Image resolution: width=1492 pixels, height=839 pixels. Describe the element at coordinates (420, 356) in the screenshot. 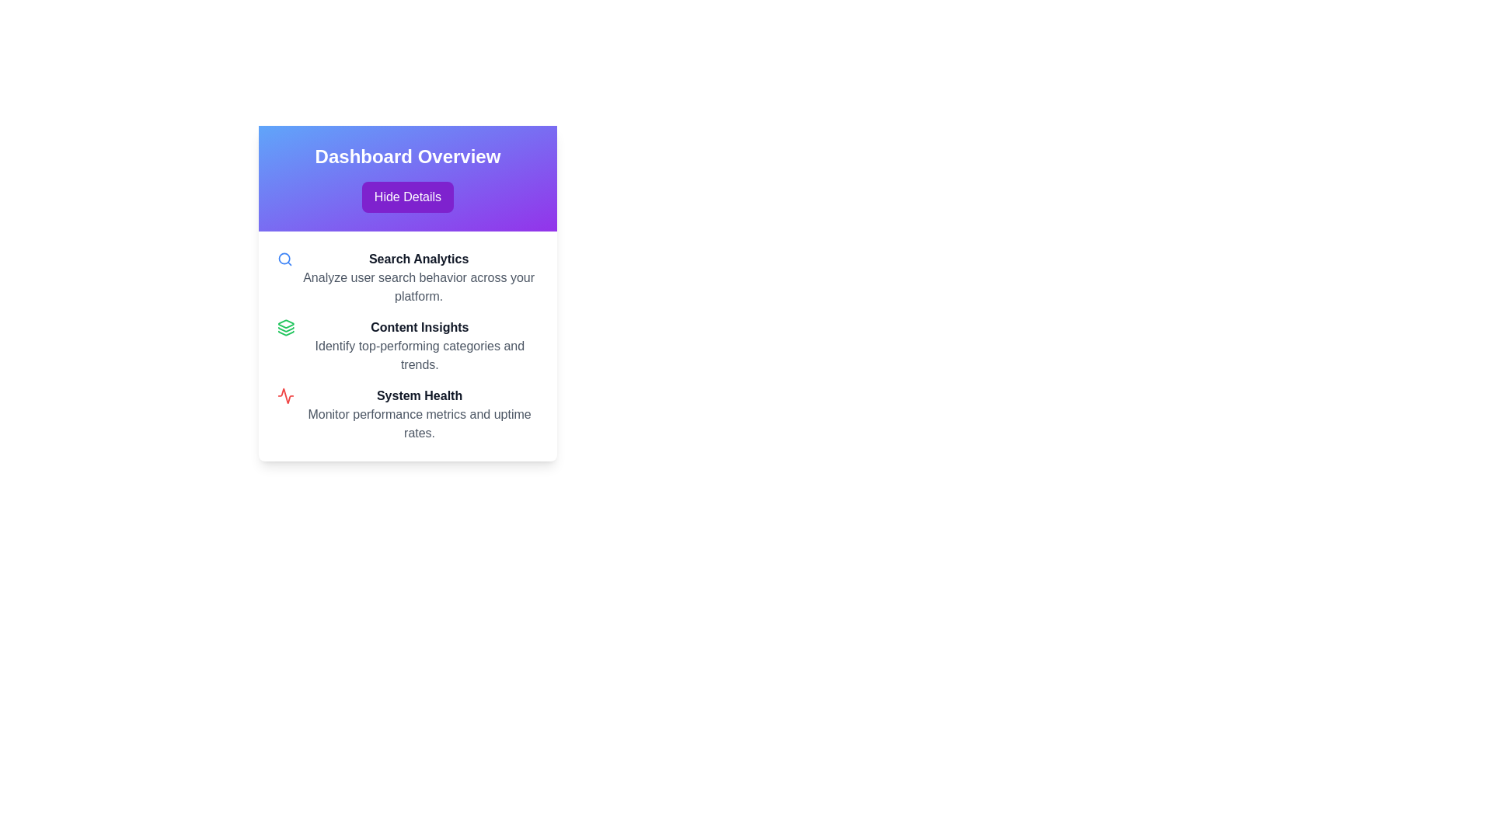

I see `the descriptive text element located under the 'Content Insights' heading, which provides additional details about its features` at that location.